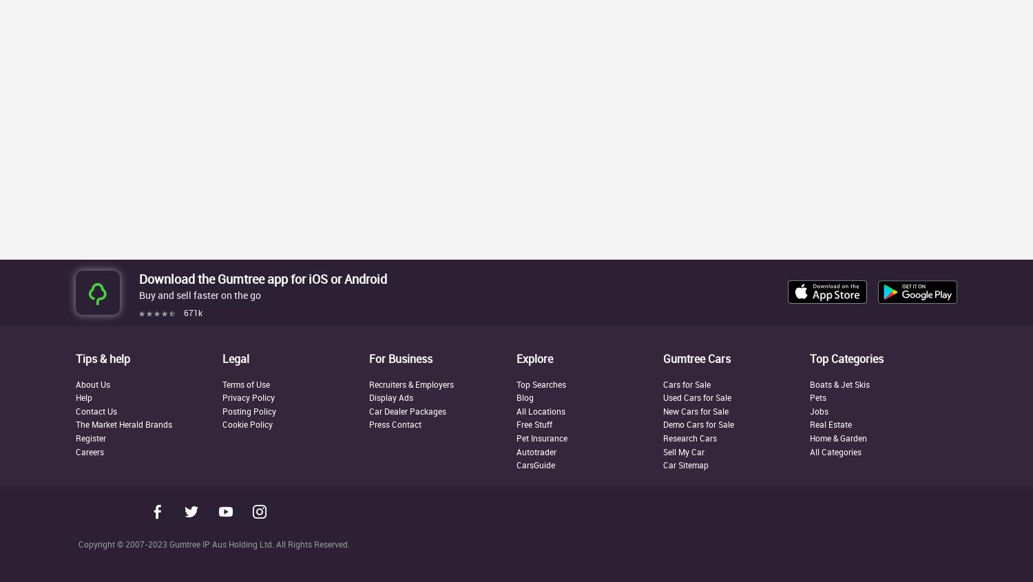  What do you see at coordinates (91, 437) in the screenshot?
I see `'Register'` at bounding box center [91, 437].